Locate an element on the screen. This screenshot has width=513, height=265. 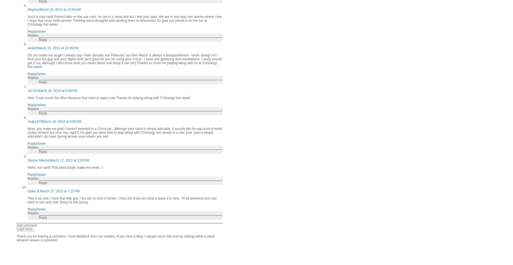
'Well, it was worth the effort because that robot is super cute  Thanks for playing along with CASology this week!' is located at coordinates (109, 97).